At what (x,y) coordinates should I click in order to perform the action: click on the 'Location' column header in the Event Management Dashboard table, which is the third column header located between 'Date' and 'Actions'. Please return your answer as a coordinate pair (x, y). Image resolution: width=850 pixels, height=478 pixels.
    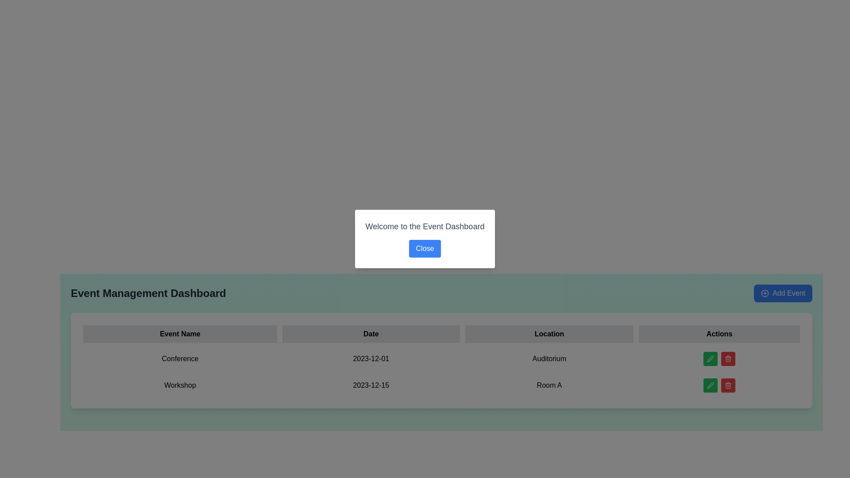
    Looking at the image, I should click on (549, 334).